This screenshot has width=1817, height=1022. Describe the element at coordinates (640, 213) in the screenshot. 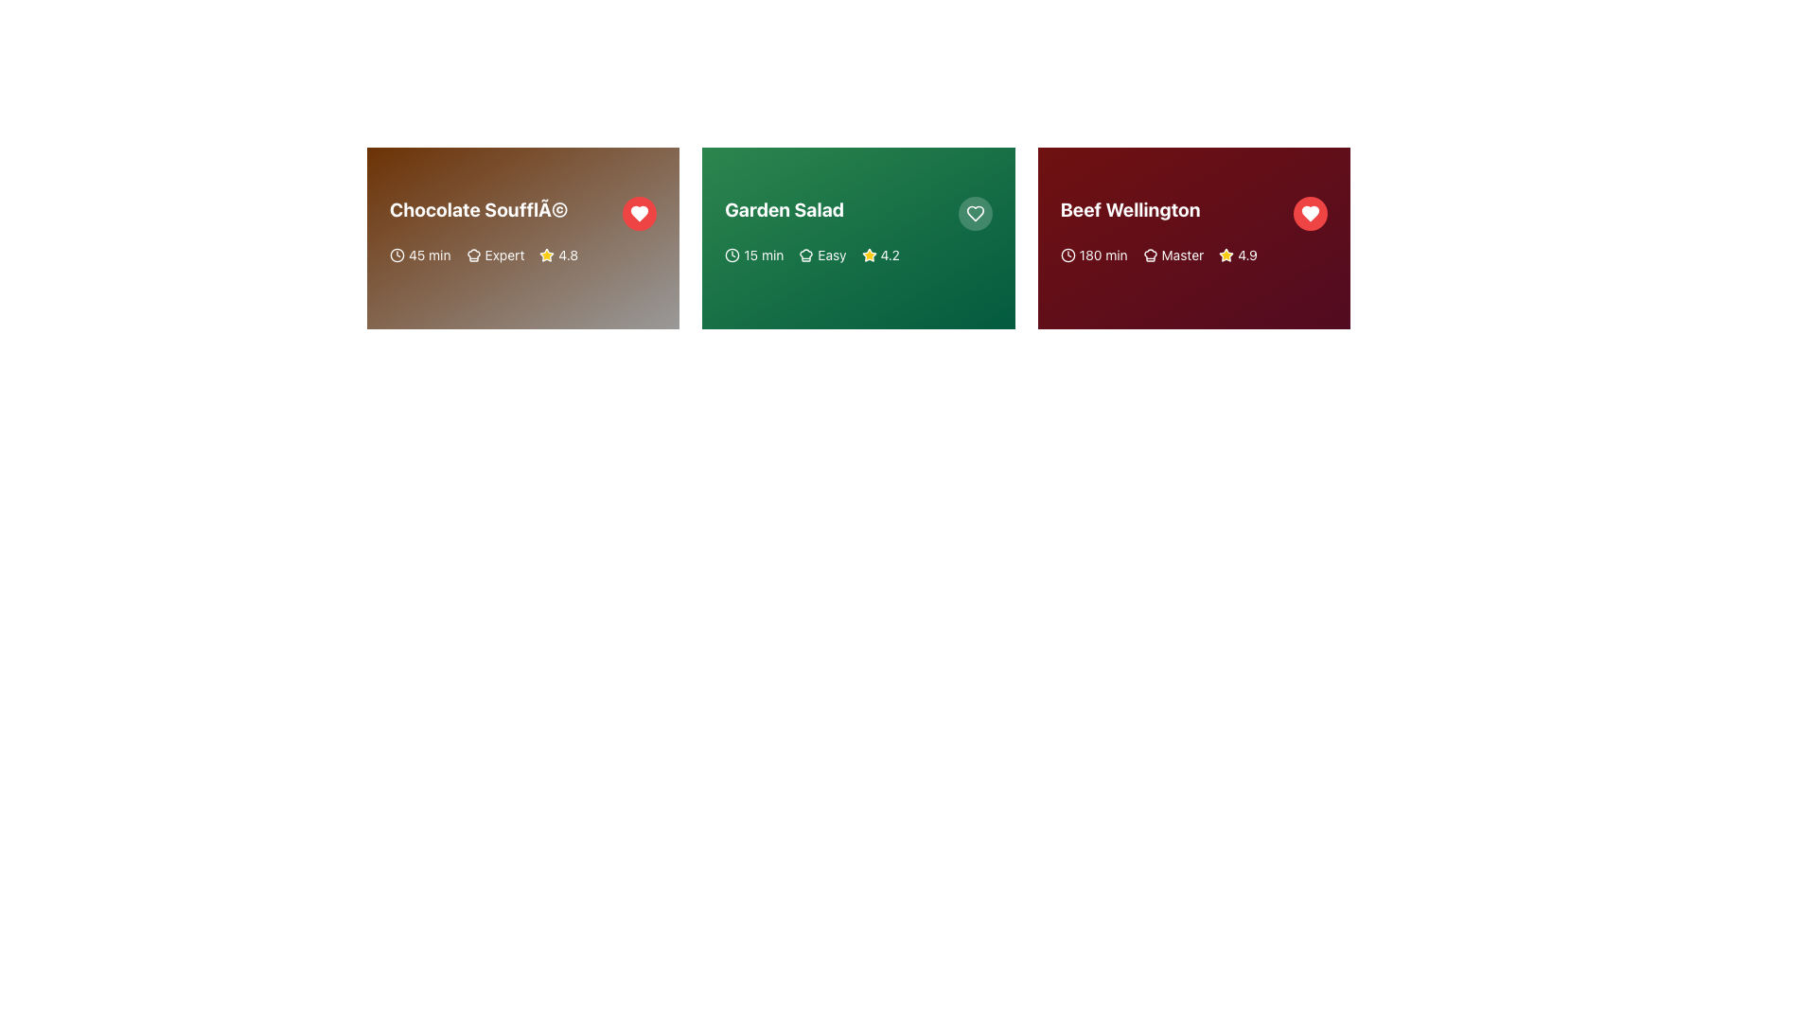

I see `the white heart-shaped icon within the red circular button located in the top-right corner of the 'Chocolate Soufflé' recipe card` at that location.